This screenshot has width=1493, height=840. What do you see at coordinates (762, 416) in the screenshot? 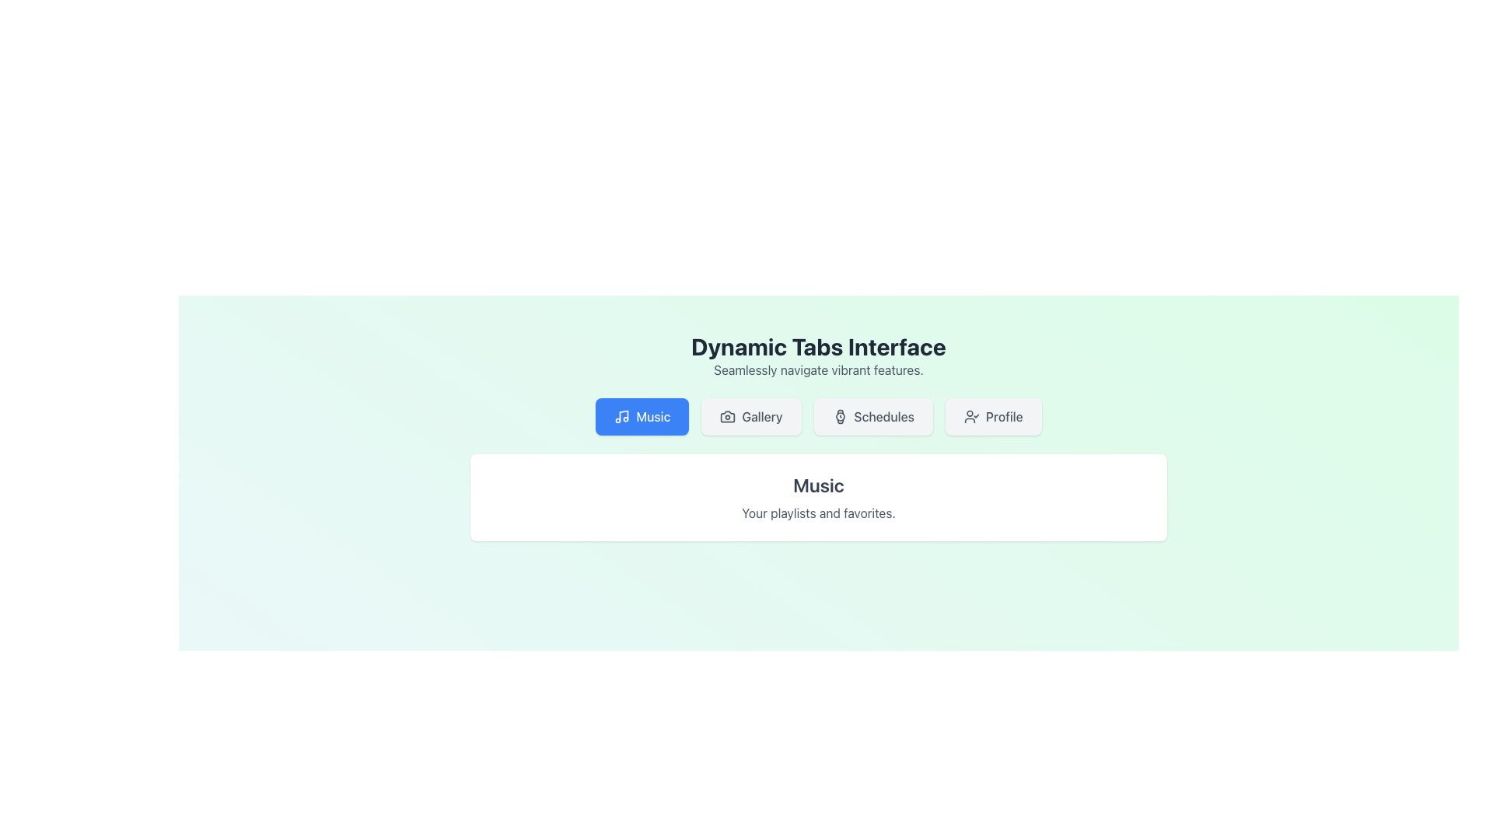
I see `the text label displaying 'Gallery' which is part of a tab-like component, positioned second from the left in a row of four tabs, immediately to the right of a camera icon` at bounding box center [762, 416].